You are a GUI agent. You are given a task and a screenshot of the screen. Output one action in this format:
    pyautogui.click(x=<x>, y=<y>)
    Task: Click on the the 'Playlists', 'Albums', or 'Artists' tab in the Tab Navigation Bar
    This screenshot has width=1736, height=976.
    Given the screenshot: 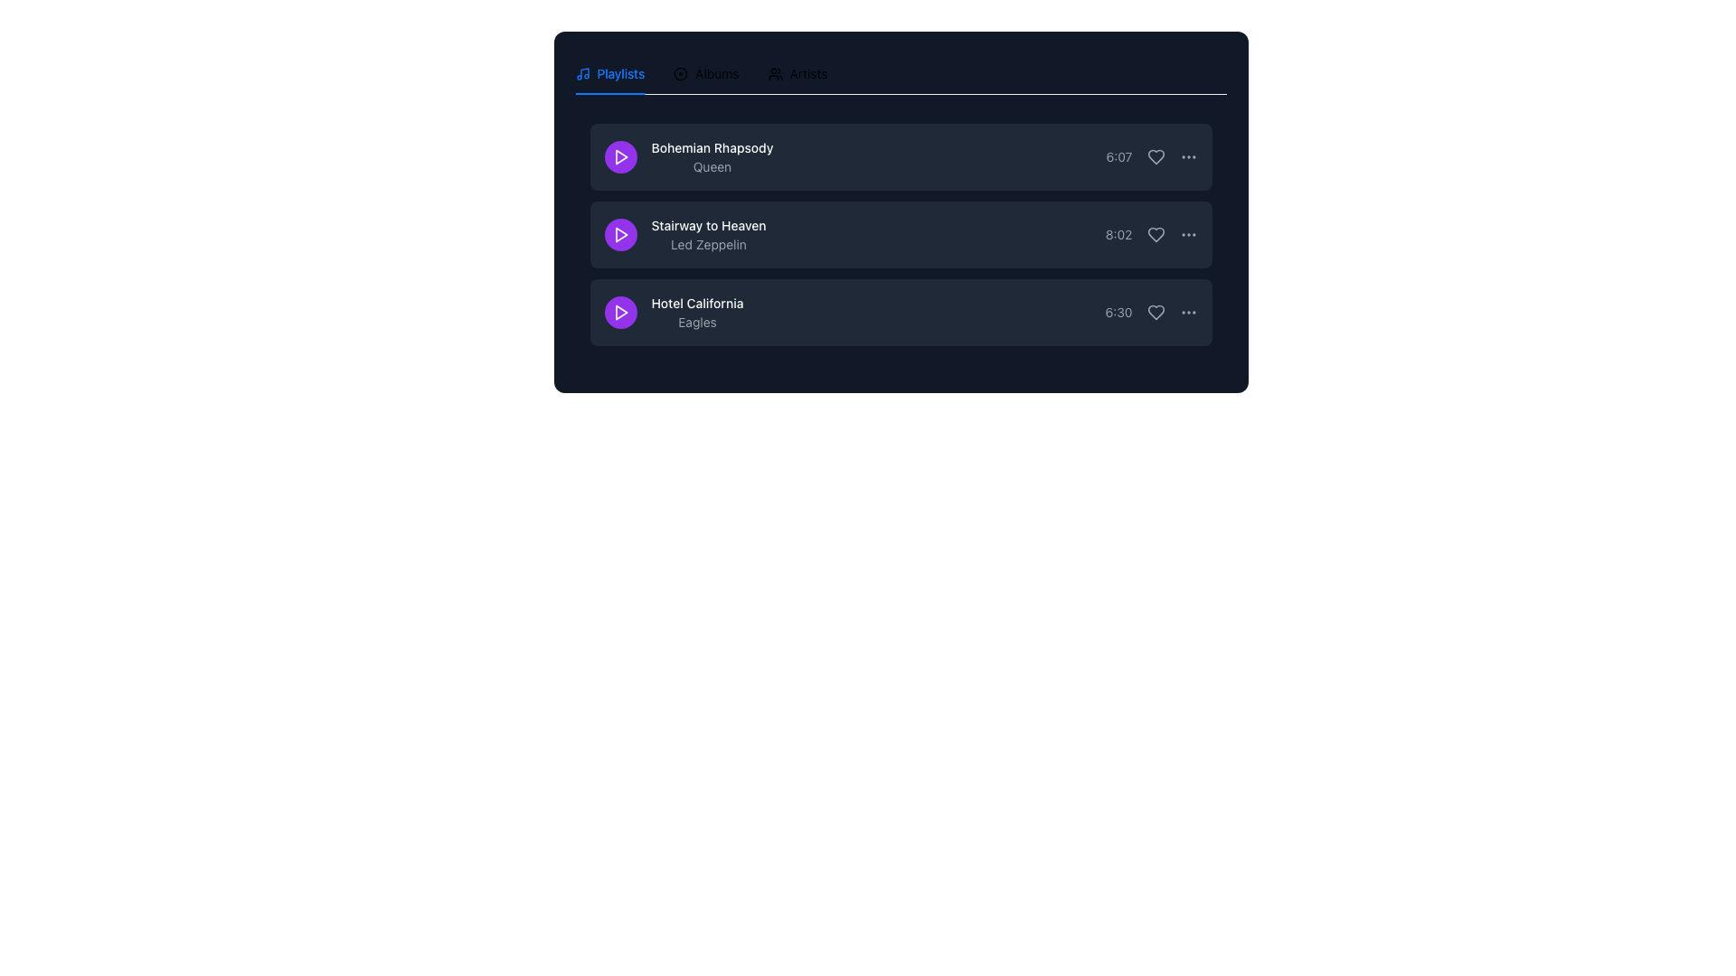 What is the action you would take?
    pyautogui.click(x=901, y=72)
    